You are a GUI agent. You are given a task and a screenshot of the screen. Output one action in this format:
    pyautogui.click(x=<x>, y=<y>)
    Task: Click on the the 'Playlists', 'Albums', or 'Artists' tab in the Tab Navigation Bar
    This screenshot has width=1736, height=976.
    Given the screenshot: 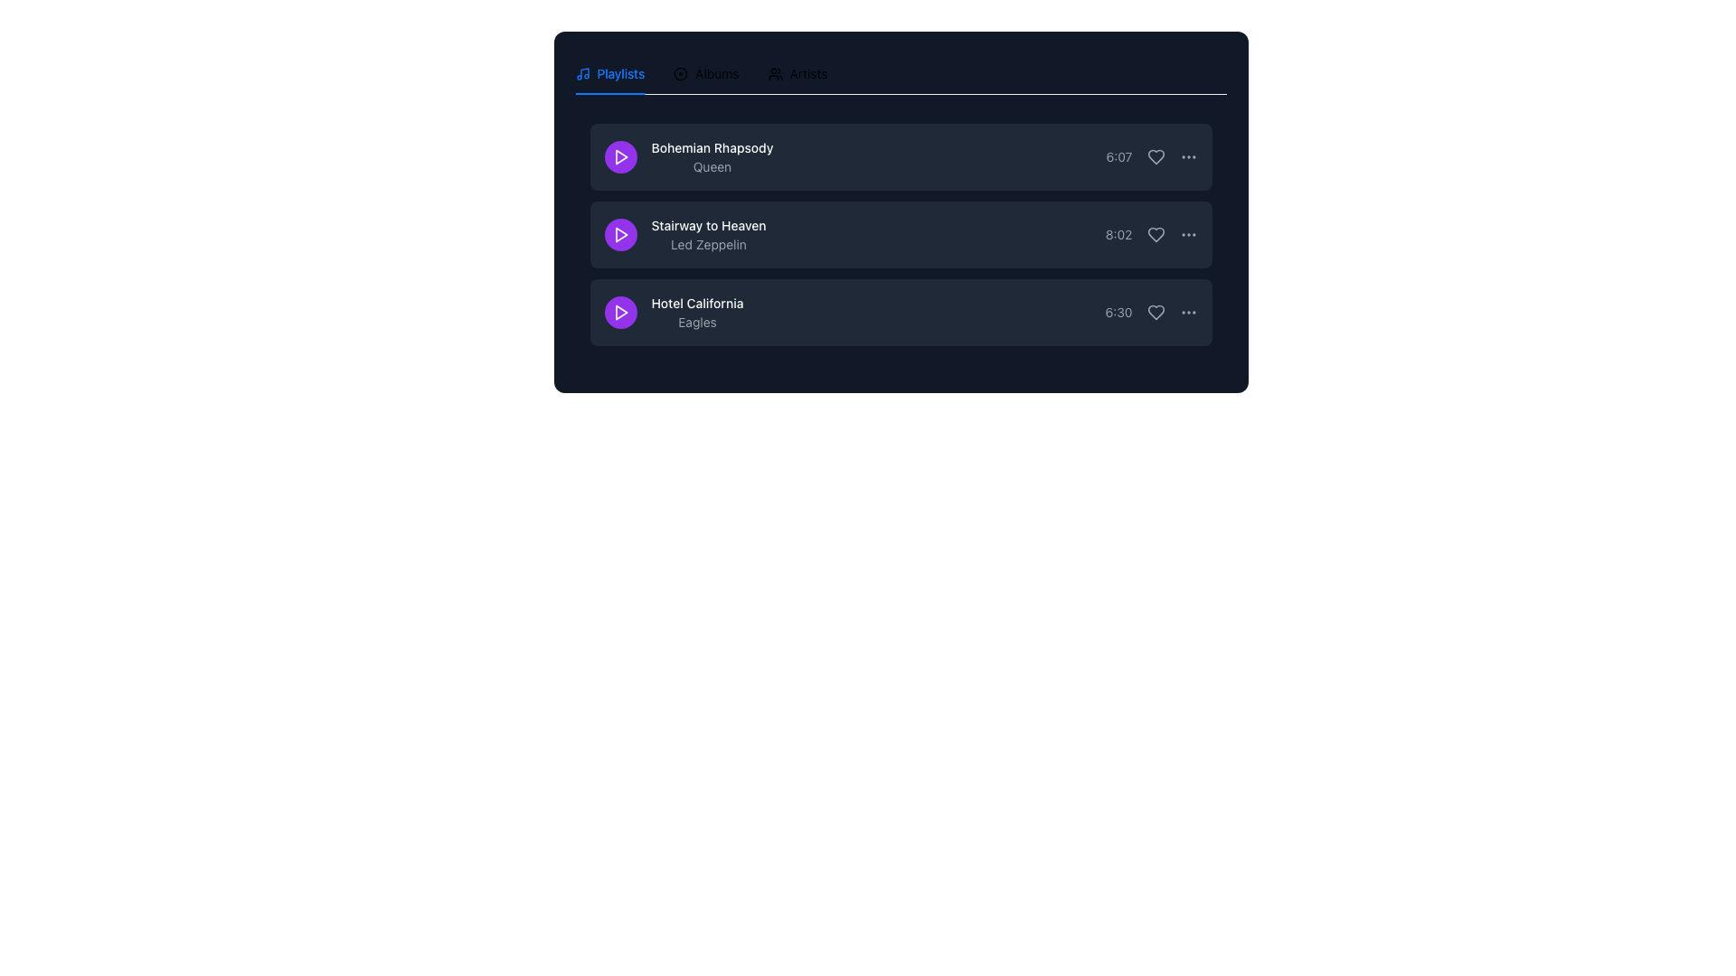 What is the action you would take?
    pyautogui.click(x=901, y=72)
    